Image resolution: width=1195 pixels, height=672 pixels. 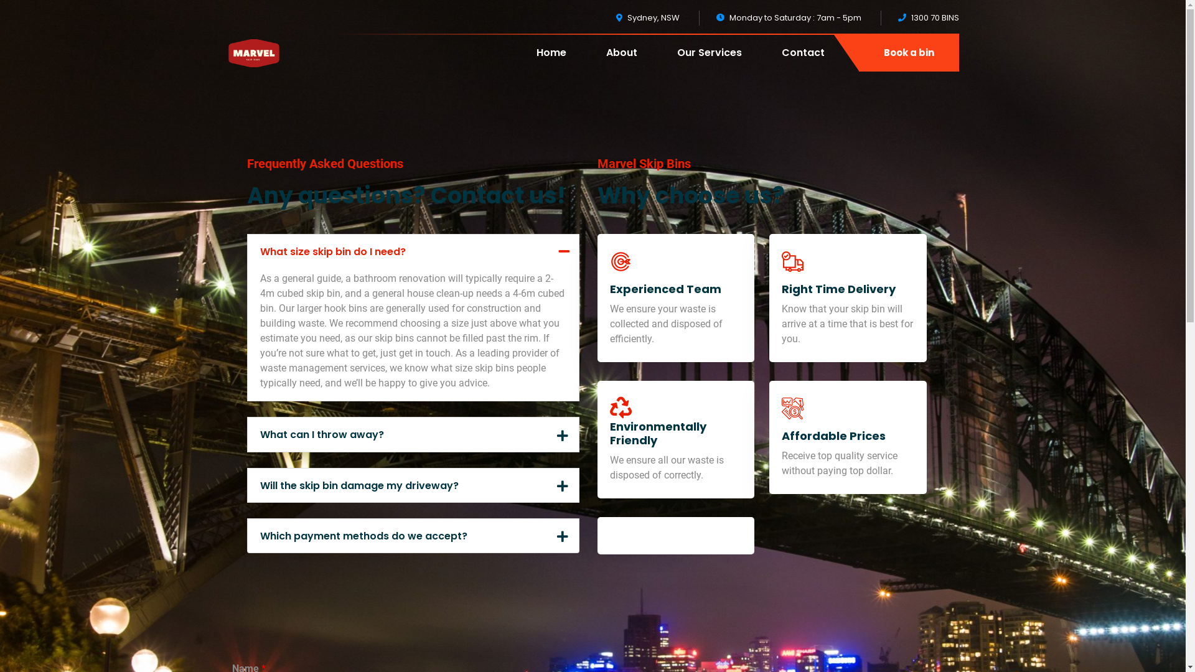 I want to click on 'About', so click(x=621, y=62).